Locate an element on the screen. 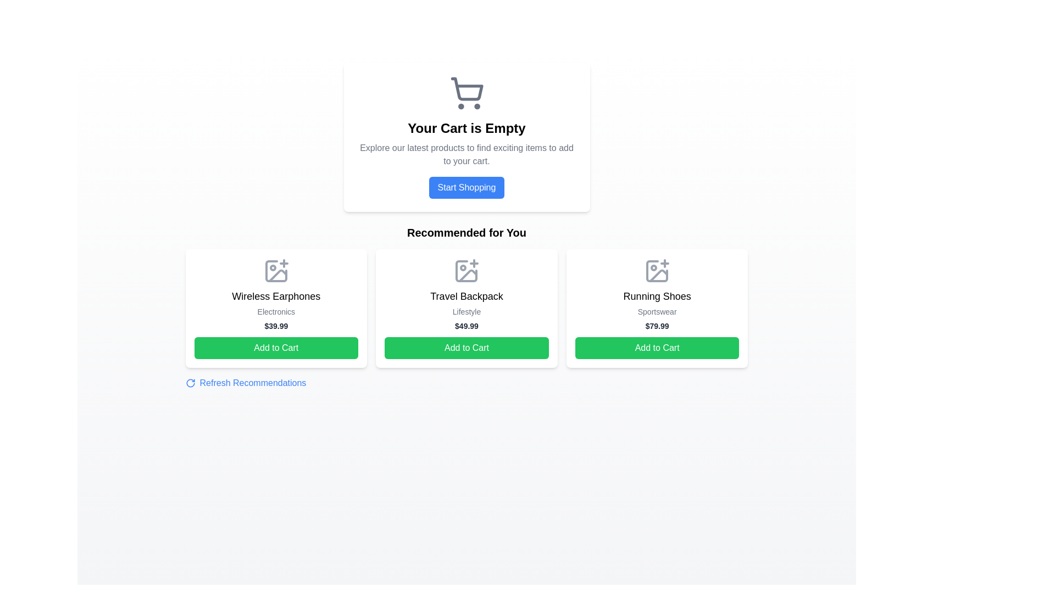 This screenshot has height=593, width=1055. the 'Wireless Earphones' text element in the product card for accessibility is located at coordinates (276, 296).